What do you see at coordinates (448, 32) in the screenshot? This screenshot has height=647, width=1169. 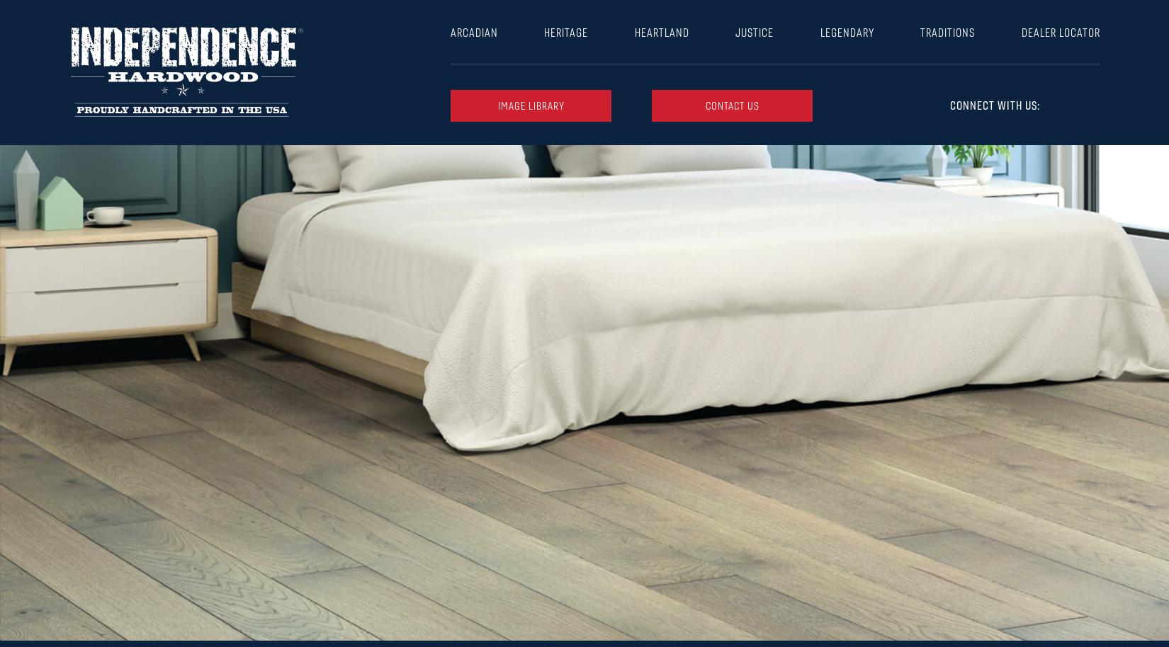 I see `'Arcadian'` at bounding box center [448, 32].